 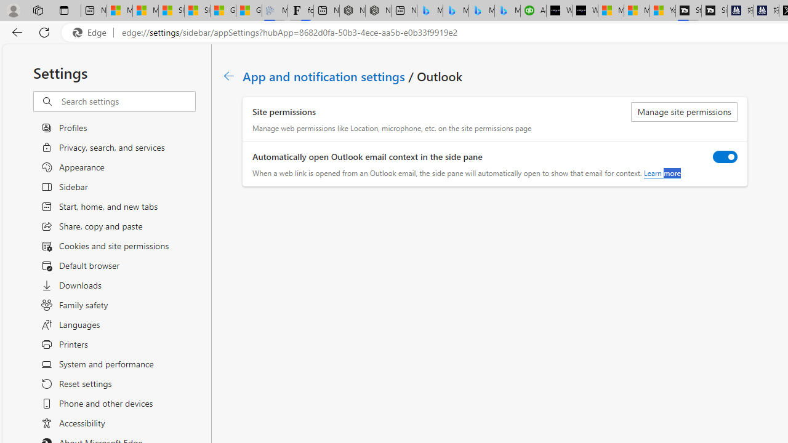 What do you see at coordinates (533, 10) in the screenshot?
I see `'Accounting Software for Accountants, CPAs and Bookkeepers'` at bounding box center [533, 10].